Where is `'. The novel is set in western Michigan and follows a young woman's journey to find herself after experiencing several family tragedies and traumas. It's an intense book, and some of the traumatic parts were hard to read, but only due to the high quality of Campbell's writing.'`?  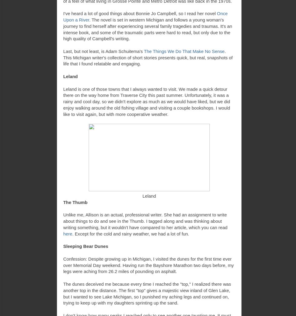 '. The novel is set in western Michigan and follows a young woman's journey to find herself after experiencing several family tragedies and traumas. It's an intense book, and some of the traumatic parts were hard to read, but only due to the high quality of Campbell's writing.' is located at coordinates (147, 29).